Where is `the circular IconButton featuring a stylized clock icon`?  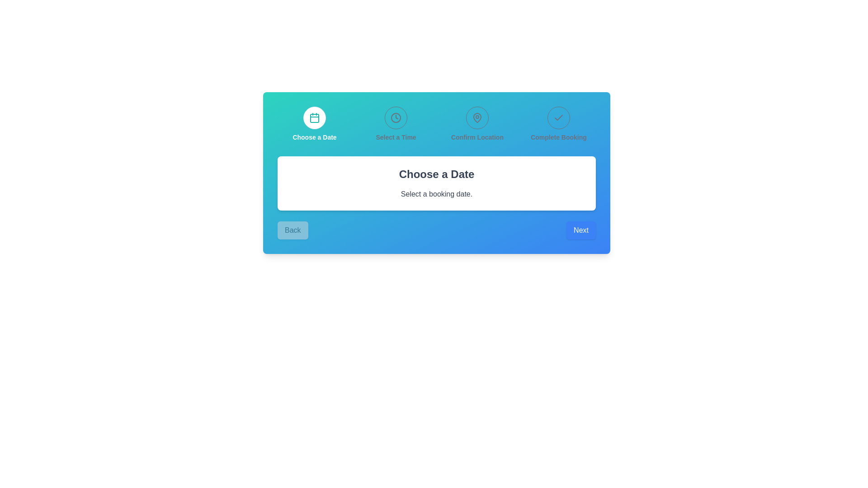 the circular IconButton featuring a stylized clock icon is located at coordinates (396, 117).